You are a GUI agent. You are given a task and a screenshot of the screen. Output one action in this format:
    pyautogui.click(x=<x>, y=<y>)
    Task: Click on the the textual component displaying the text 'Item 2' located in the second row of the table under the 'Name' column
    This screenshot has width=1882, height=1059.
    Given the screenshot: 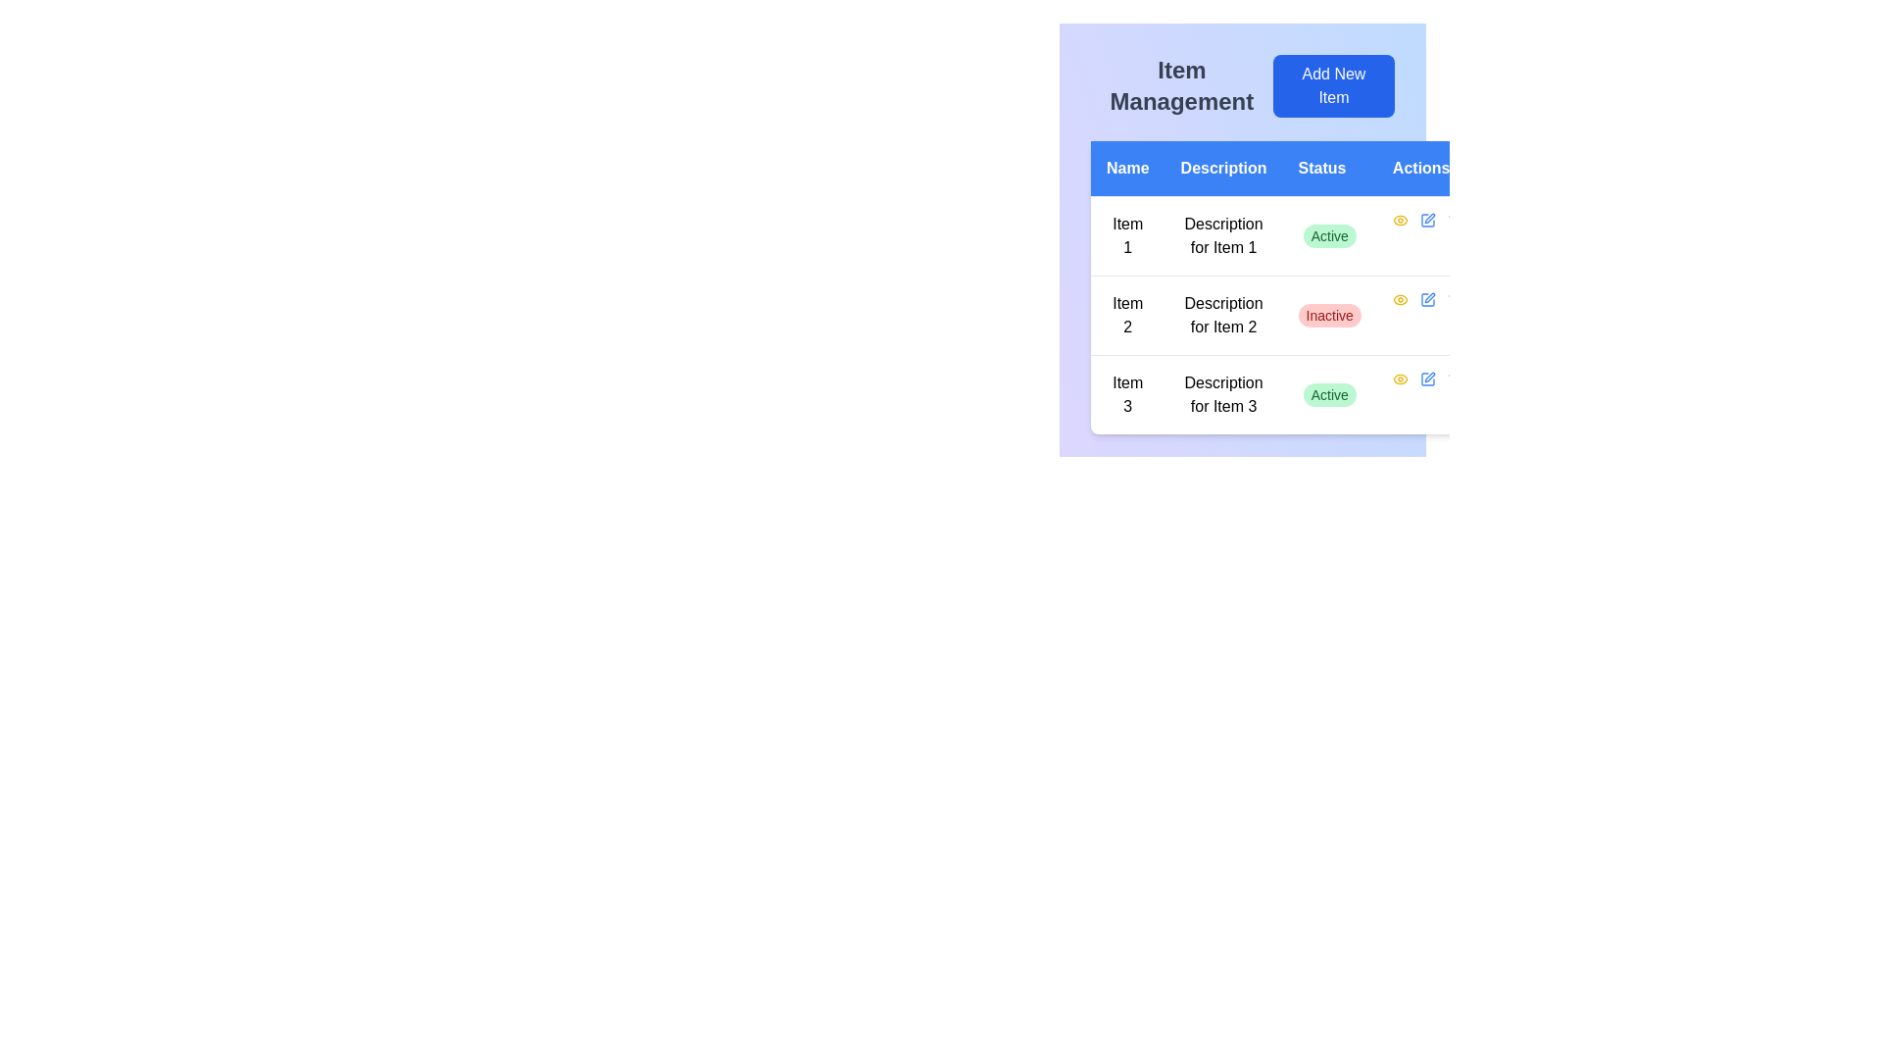 What is the action you would take?
    pyautogui.click(x=1127, y=314)
    